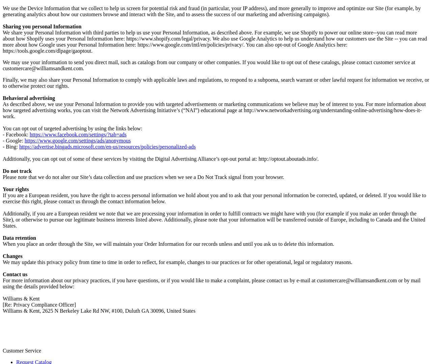 The image size is (432, 364). What do you see at coordinates (177, 261) in the screenshot?
I see `'We may update this privacy policy from time to time in order to reflect, for example, changes to our practices or for other operational, legal or regulatory reasons.'` at bounding box center [177, 261].